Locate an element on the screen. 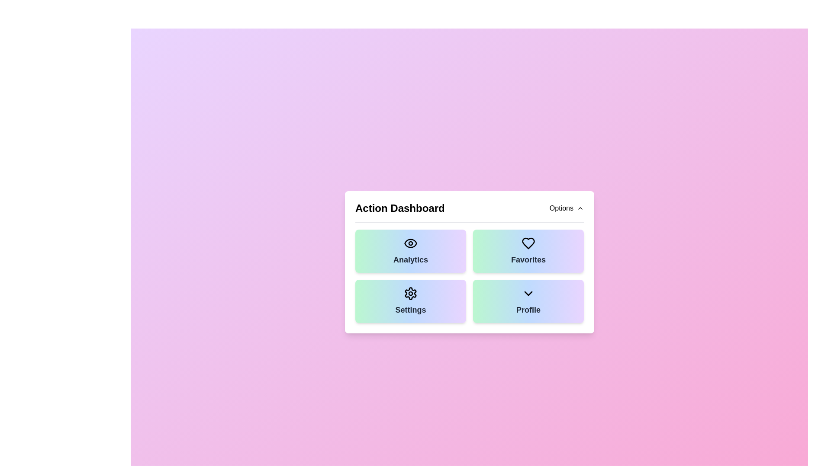 This screenshot has height=467, width=831. the first card in the grid layout within the 'Action Dashboard' is located at coordinates (410, 250).